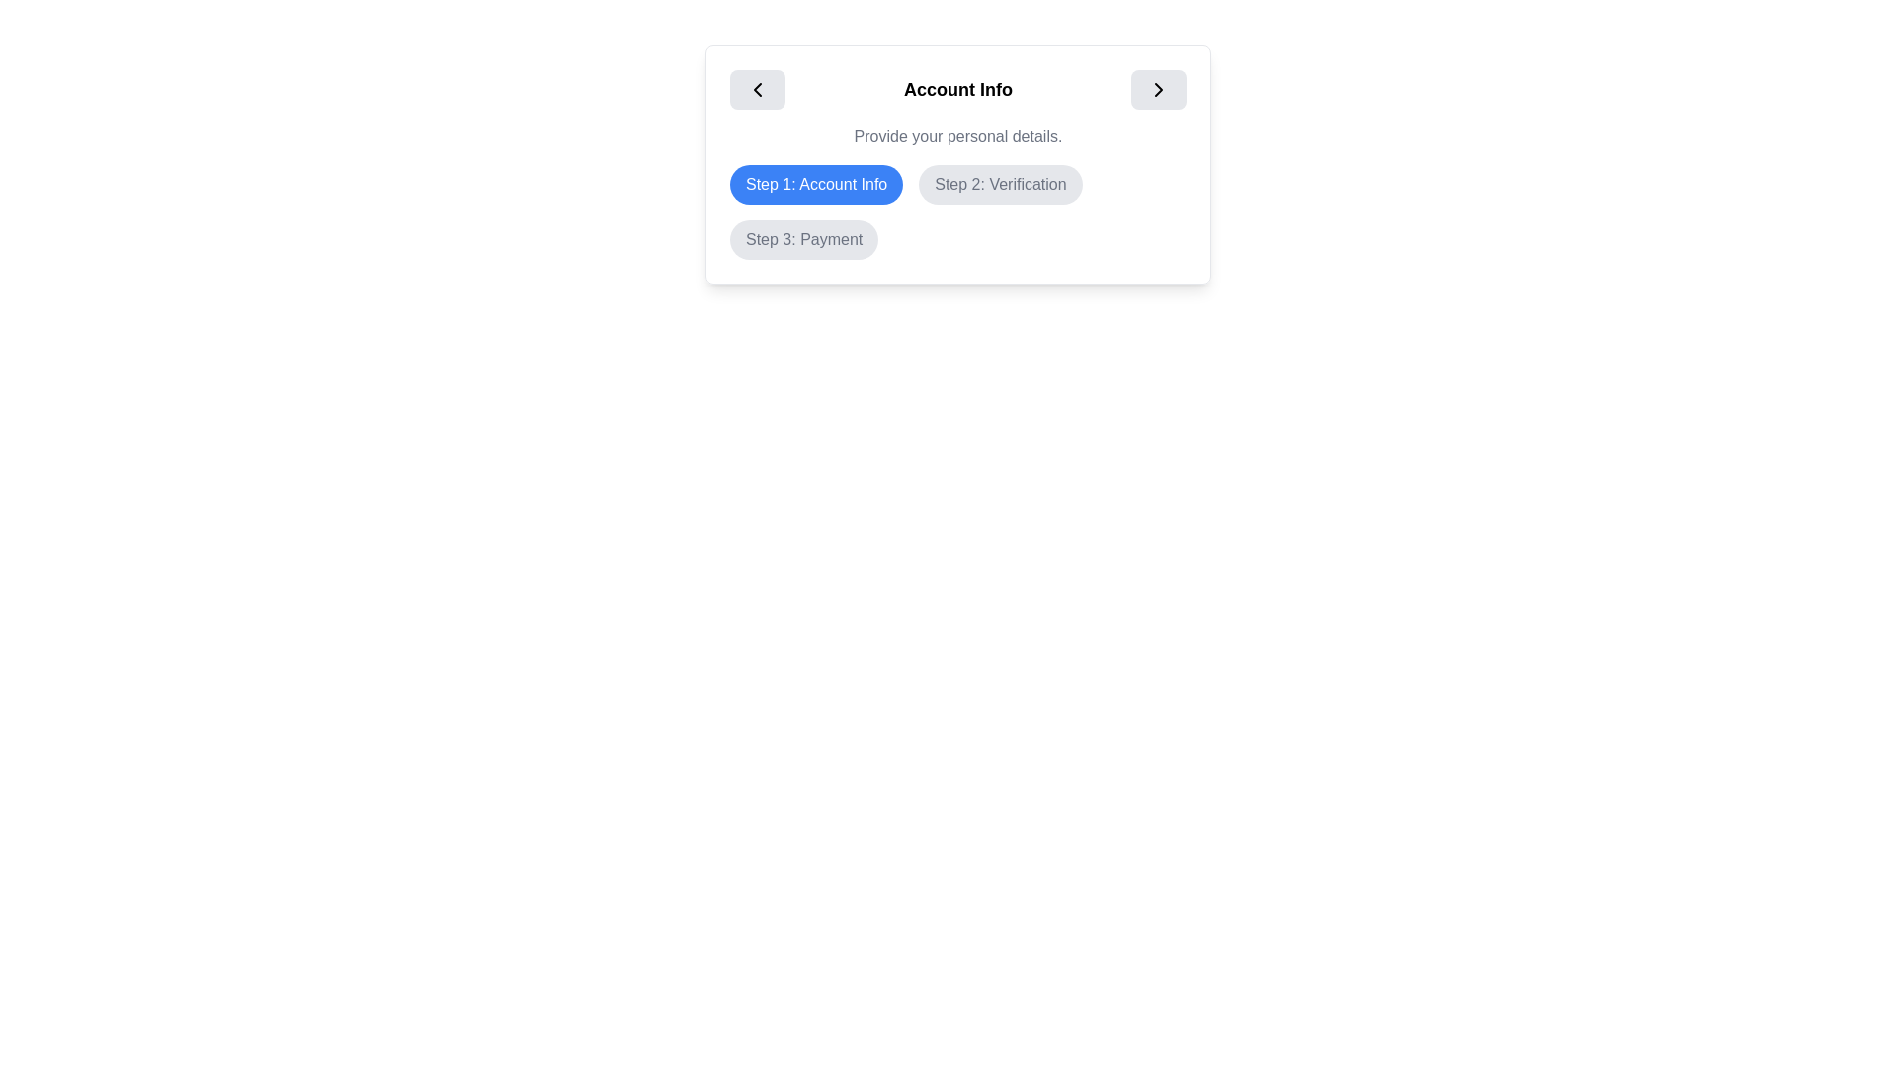 This screenshot has height=1067, width=1897. What do you see at coordinates (957, 135) in the screenshot?
I see `the static text element that states 'Provide your personal details.' which is styled in gray and located below the 'Account Info' header` at bounding box center [957, 135].